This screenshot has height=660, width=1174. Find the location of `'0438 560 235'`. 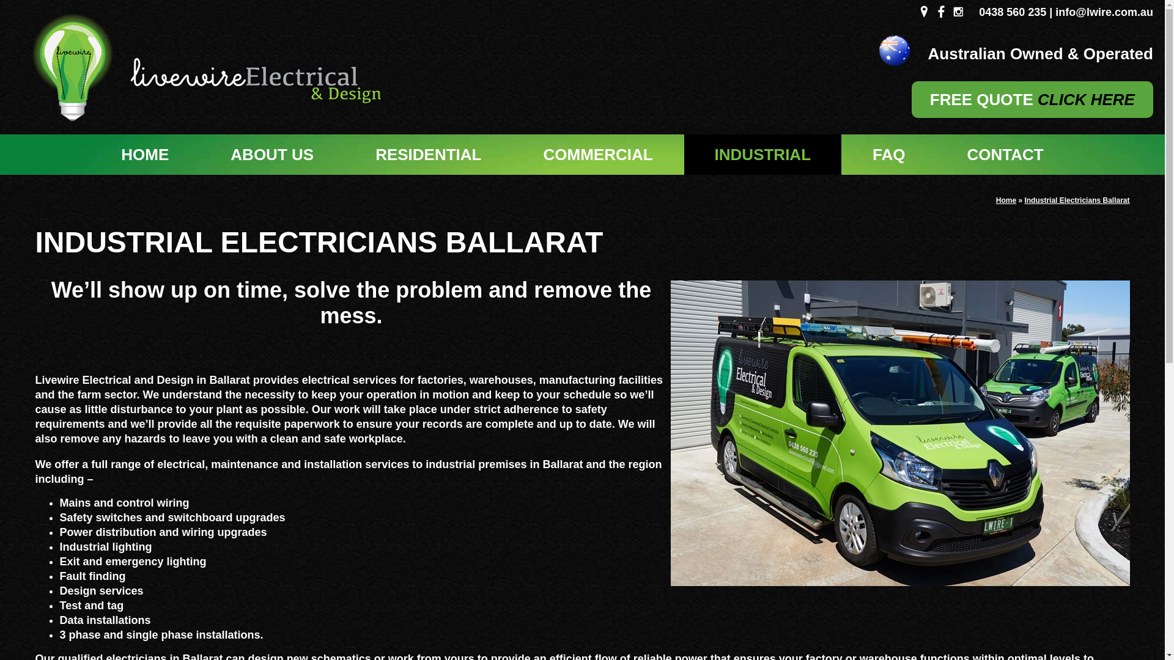

'0438 560 235' is located at coordinates (1013, 12).